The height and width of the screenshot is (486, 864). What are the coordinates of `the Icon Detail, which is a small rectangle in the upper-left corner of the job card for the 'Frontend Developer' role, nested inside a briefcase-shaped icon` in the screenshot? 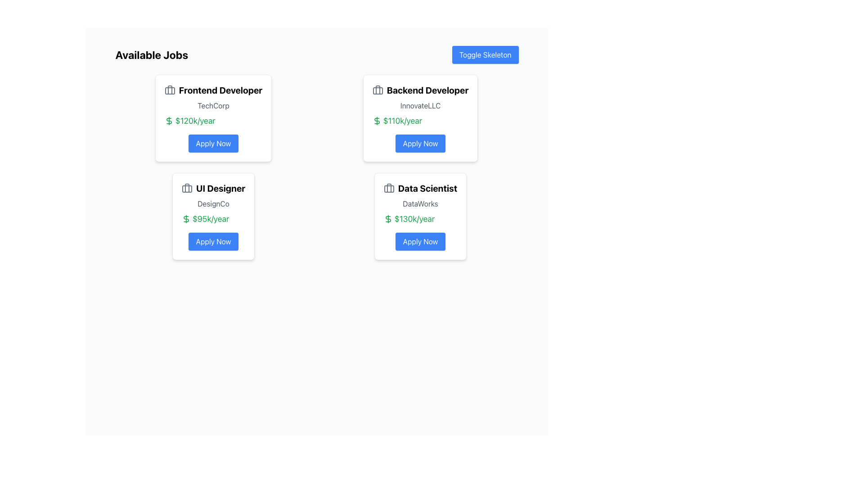 It's located at (170, 90).